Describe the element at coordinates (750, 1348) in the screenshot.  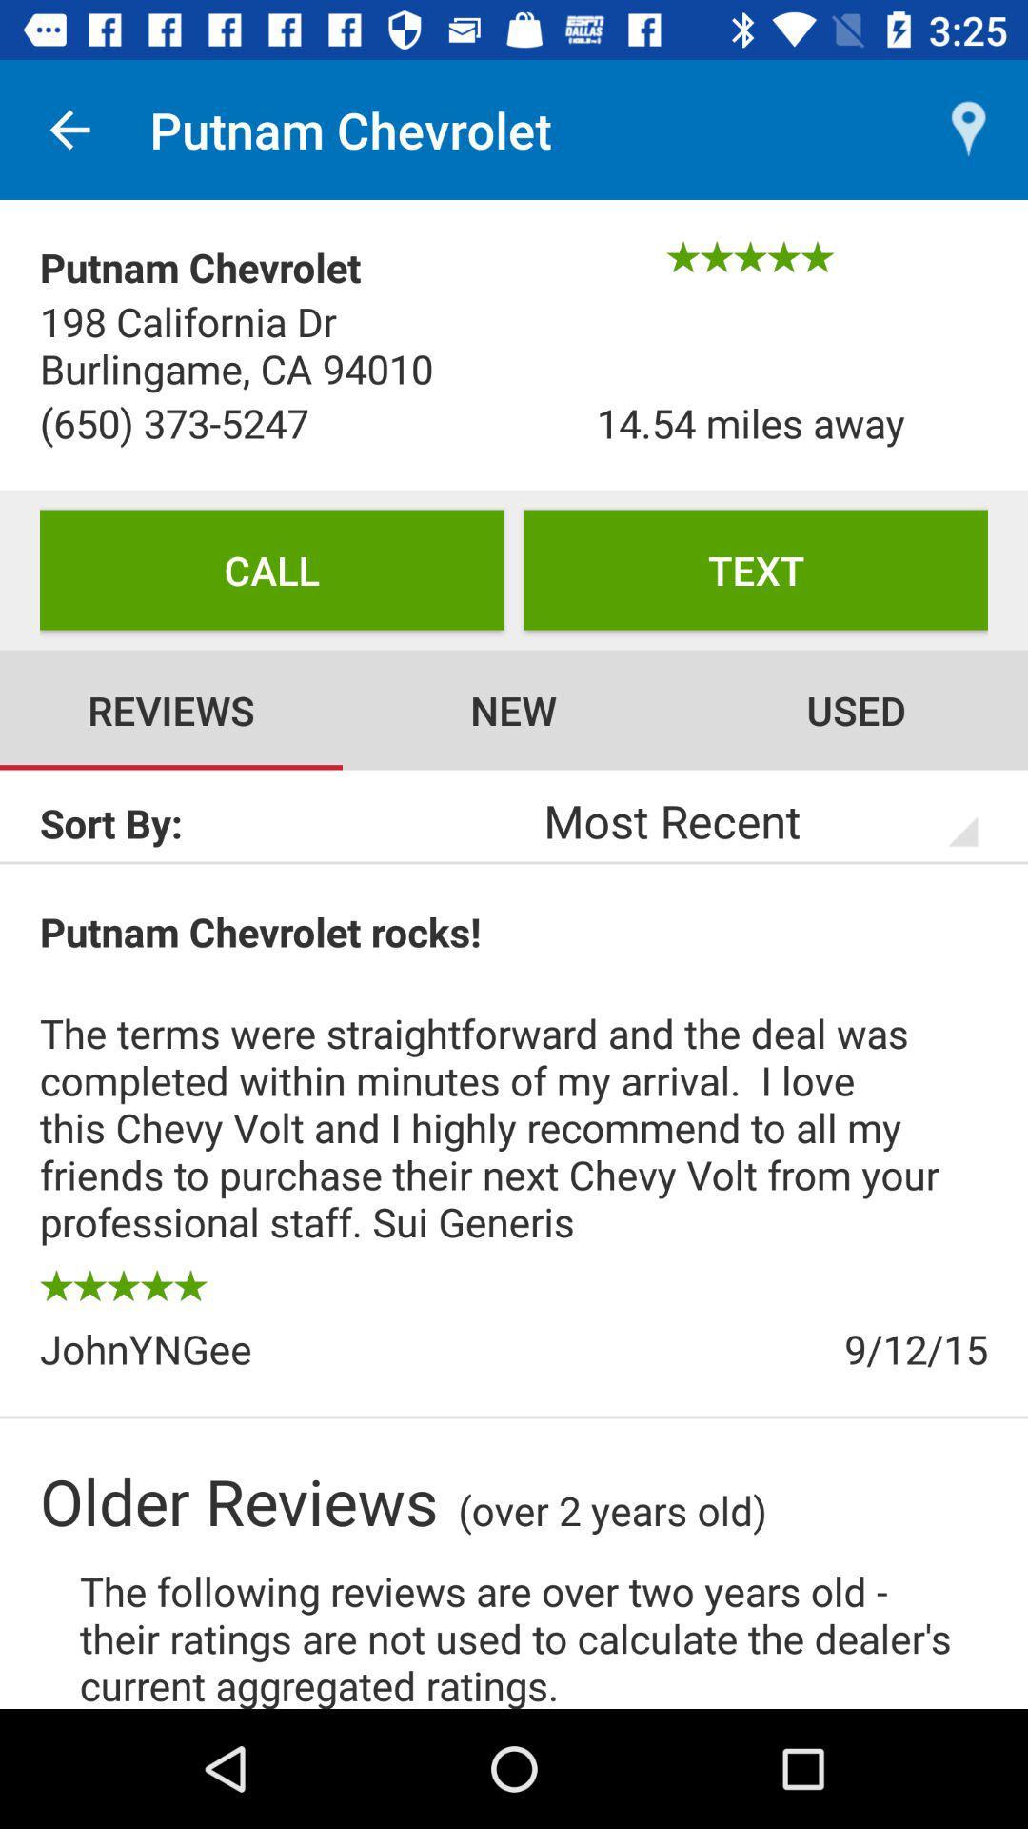
I see `the icon above over 2 years item` at that location.